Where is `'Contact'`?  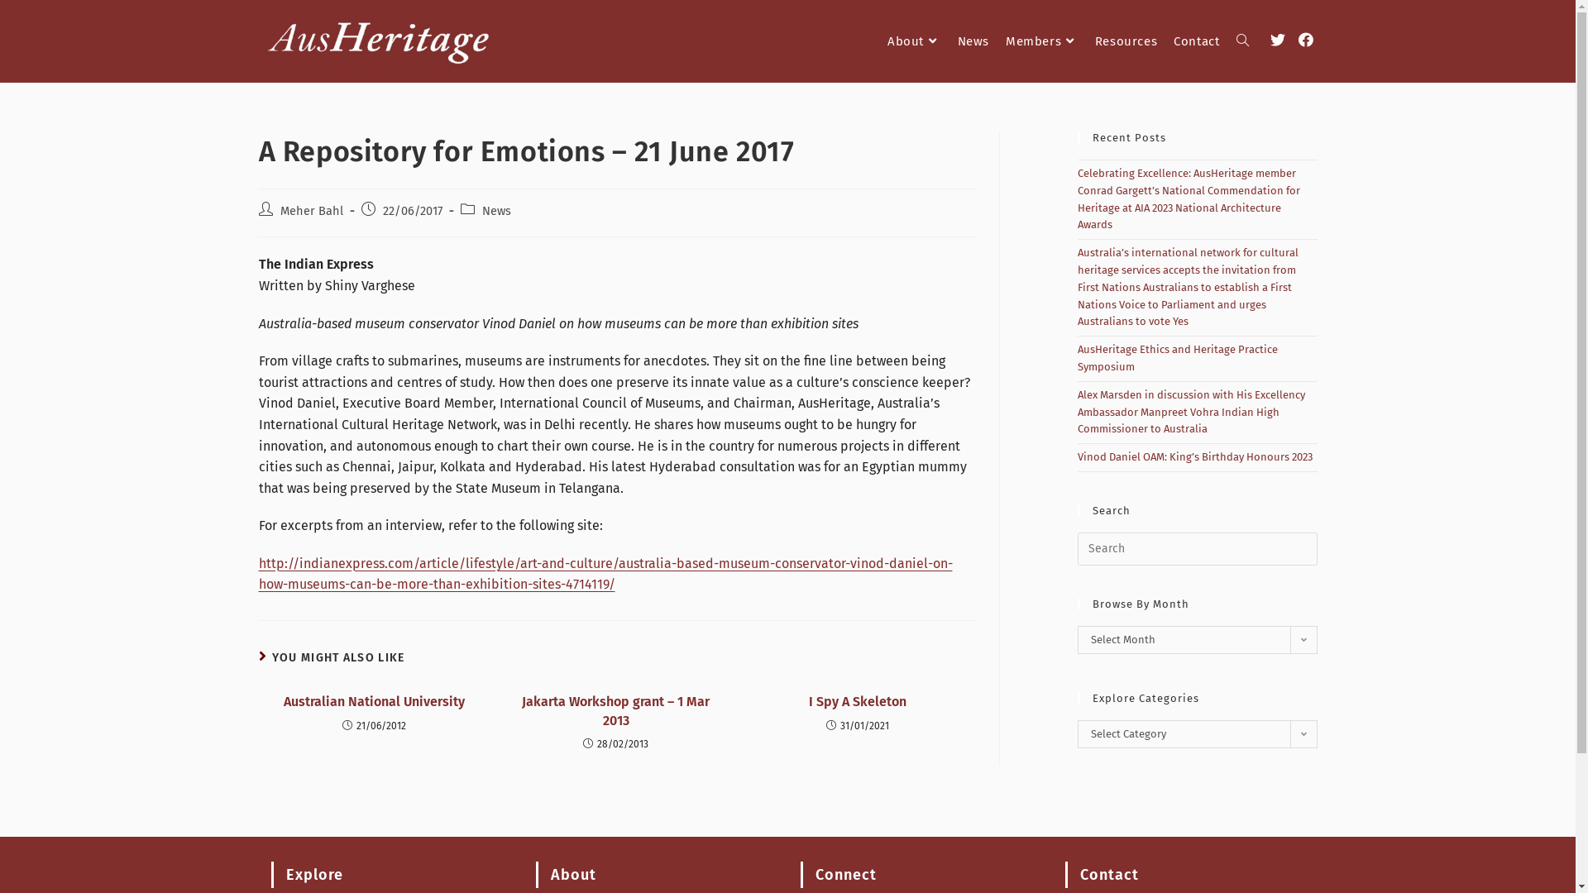 'Contact' is located at coordinates (1165, 41).